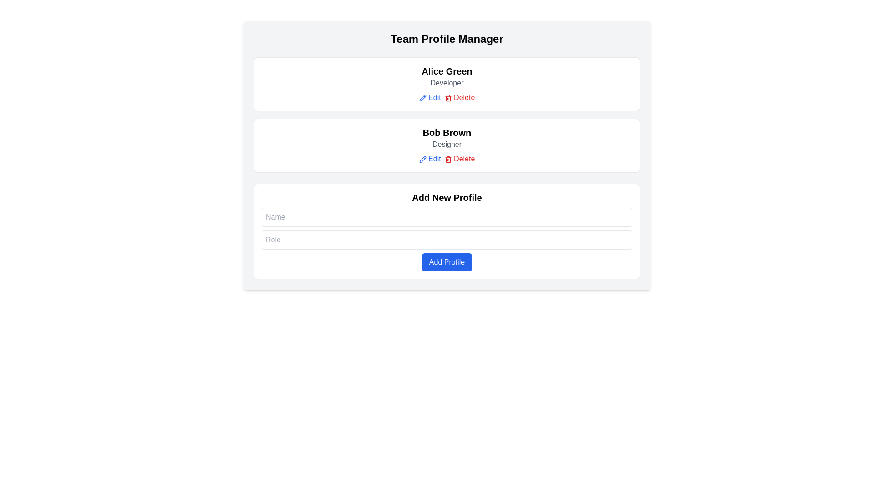  I want to click on the 'Delete' button, which is styled in red and associated with a trash bin icon, located at the bottom-right of Alice Green's profile section, so click(447, 98).